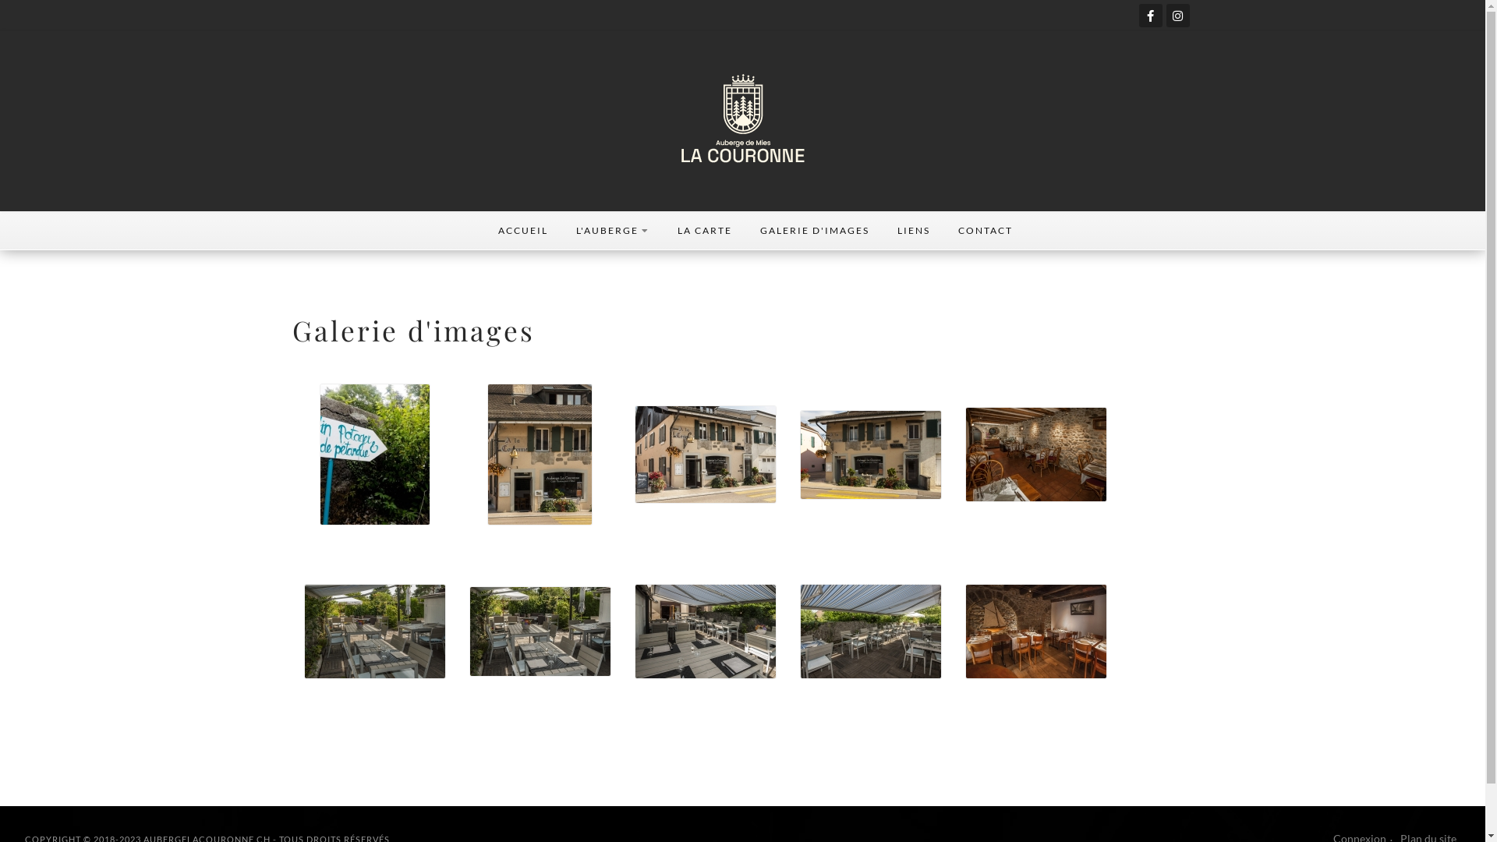 The image size is (1497, 842). I want to click on 'CONTACT', so click(983, 231).